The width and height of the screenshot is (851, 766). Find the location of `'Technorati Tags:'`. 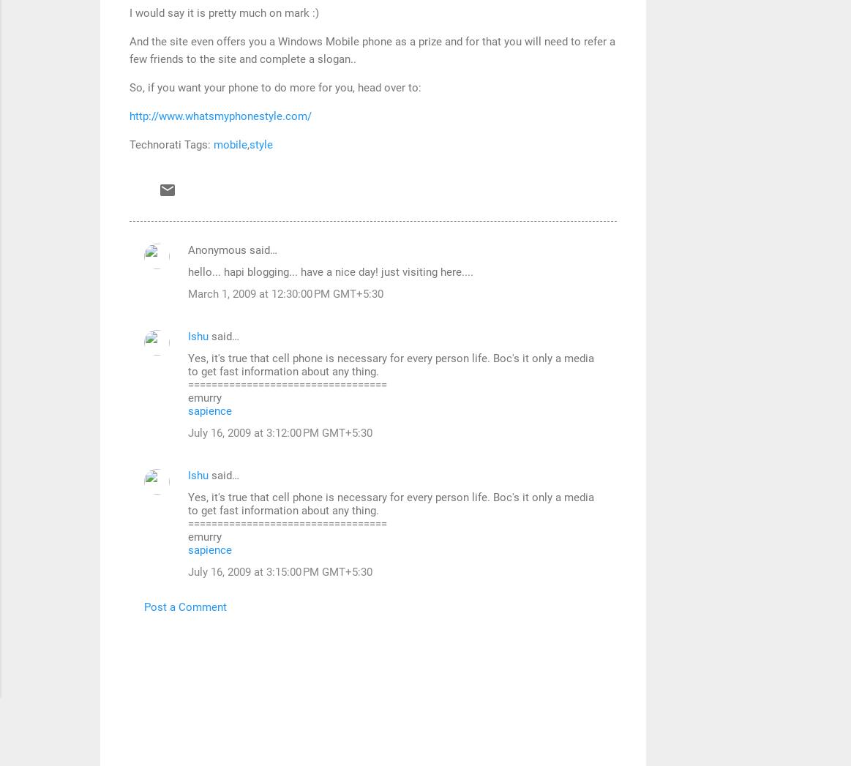

'Technorati Tags:' is located at coordinates (170, 143).